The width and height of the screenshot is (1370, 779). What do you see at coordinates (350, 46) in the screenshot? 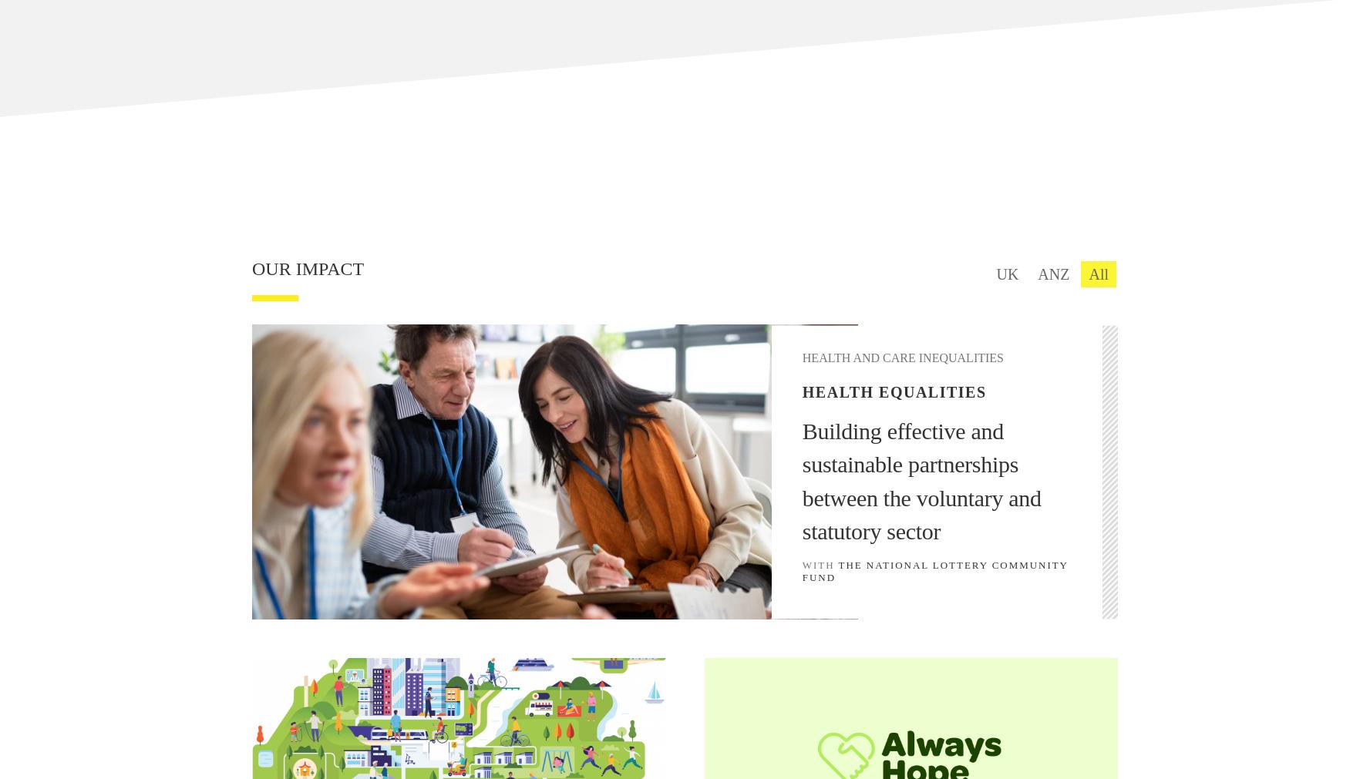
I see `'We help local systems to adopt and adapt innovations that have been successful elsewhere, by helping them understand where fidelity is essential, and where things need to flex to fit a new context.'` at bounding box center [350, 46].